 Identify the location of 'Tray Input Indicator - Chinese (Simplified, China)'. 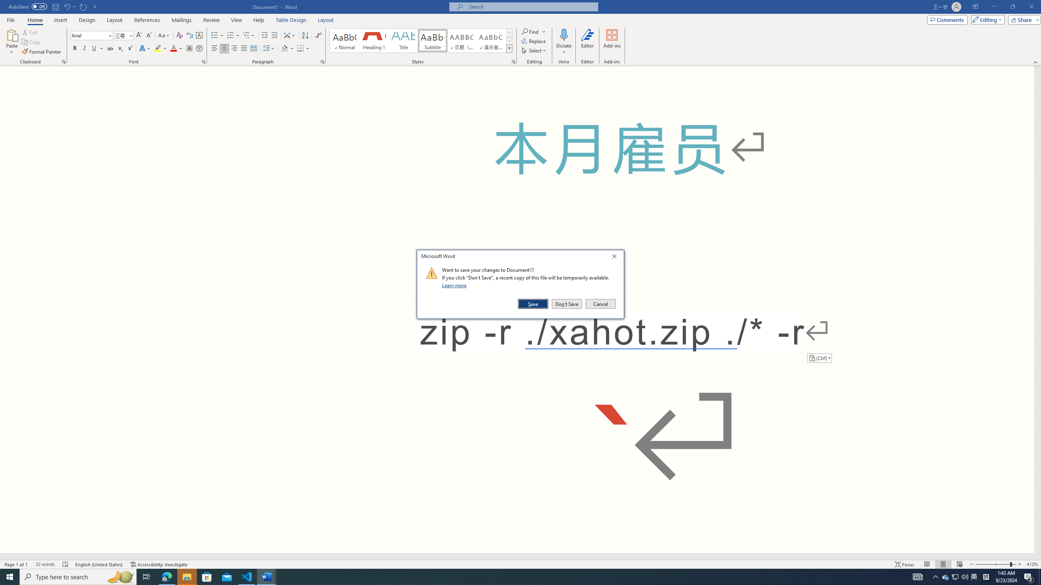
(986, 576).